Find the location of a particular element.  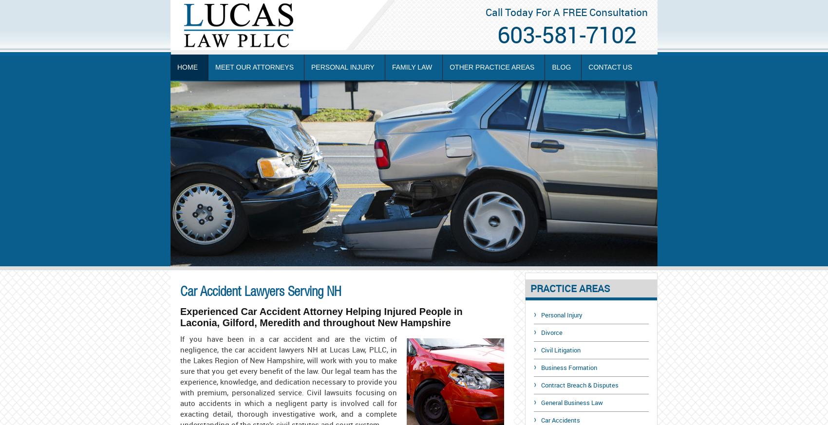

'Blog' is located at coordinates (561, 67).